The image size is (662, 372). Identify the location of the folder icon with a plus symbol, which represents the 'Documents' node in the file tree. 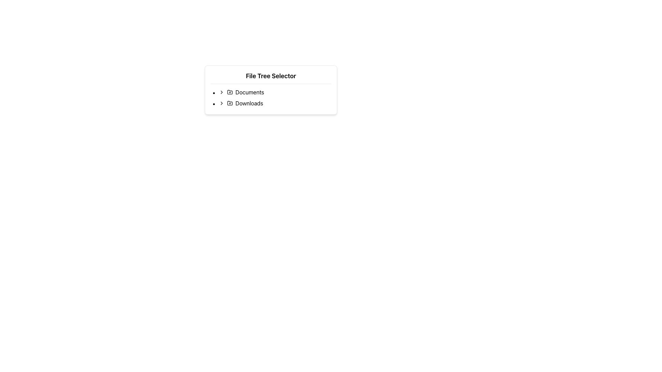
(230, 92).